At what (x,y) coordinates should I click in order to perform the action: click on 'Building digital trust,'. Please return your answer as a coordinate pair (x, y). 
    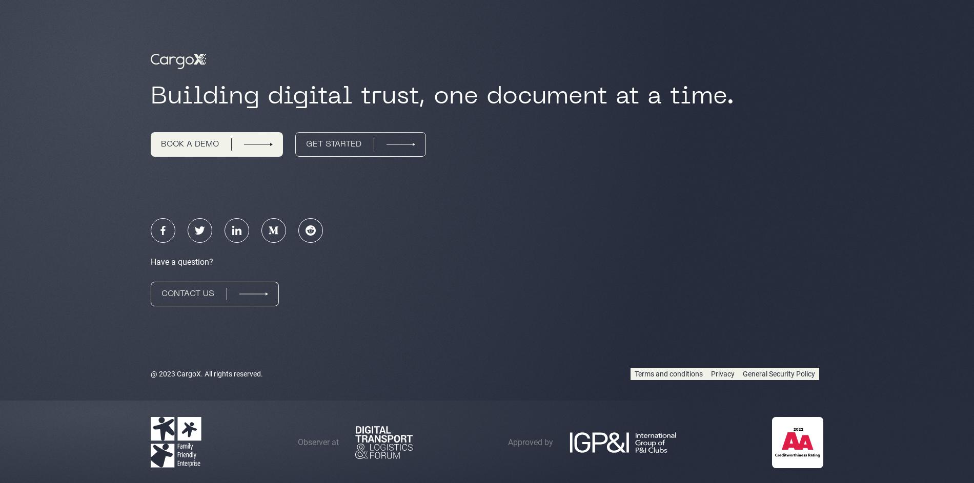
    Looking at the image, I should click on (288, 97).